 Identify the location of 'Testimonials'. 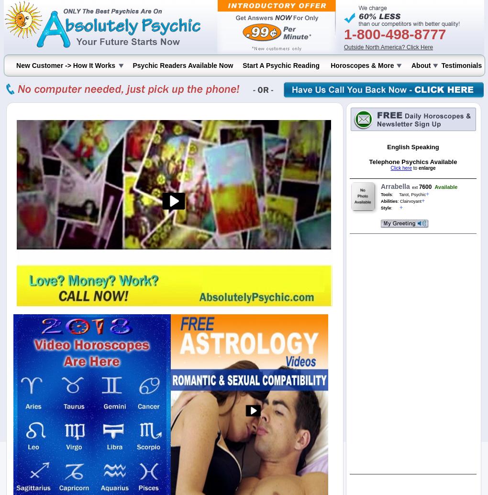
(461, 66).